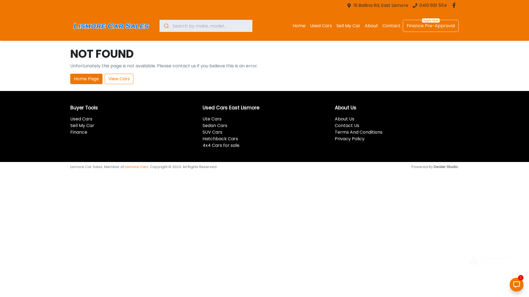 This screenshot has height=297, width=529. Describe the element at coordinates (220, 138) in the screenshot. I see `'Hatchback Cars'` at that location.